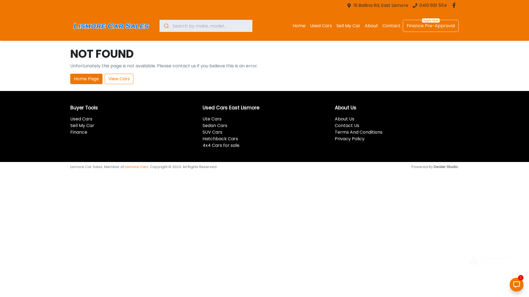 This screenshot has height=297, width=529. Describe the element at coordinates (220, 138) in the screenshot. I see `'Hatchback Cars'` at that location.